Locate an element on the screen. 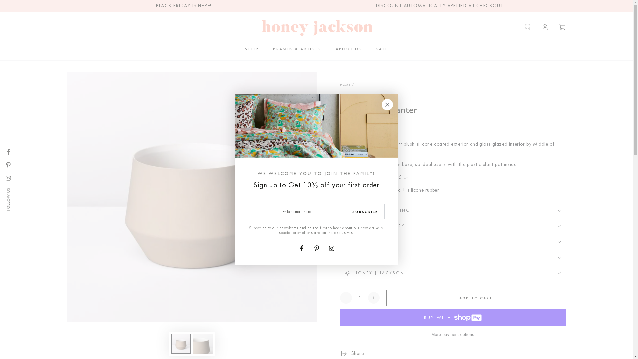 The height and width of the screenshot is (359, 638). 'SALE' is located at coordinates (382, 48).